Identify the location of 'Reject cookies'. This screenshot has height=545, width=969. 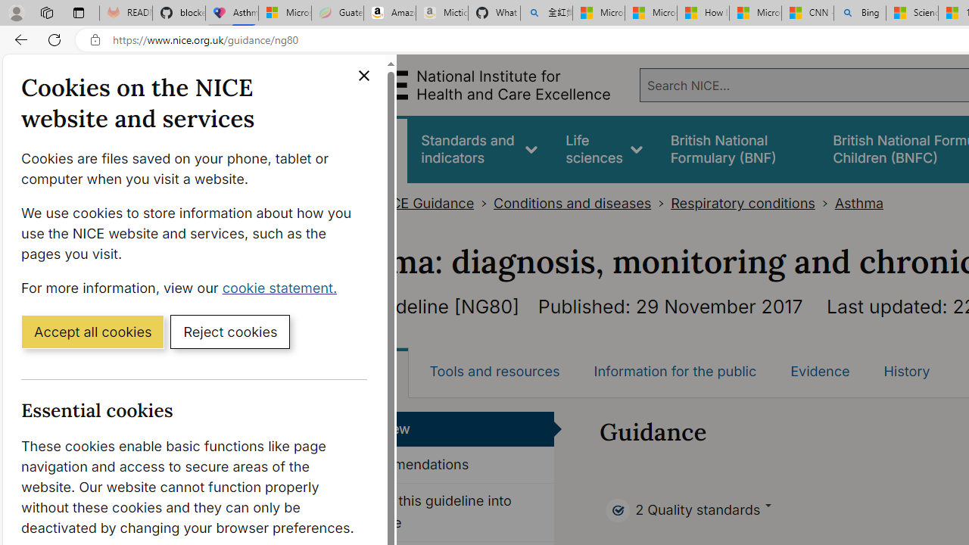
(229, 330).